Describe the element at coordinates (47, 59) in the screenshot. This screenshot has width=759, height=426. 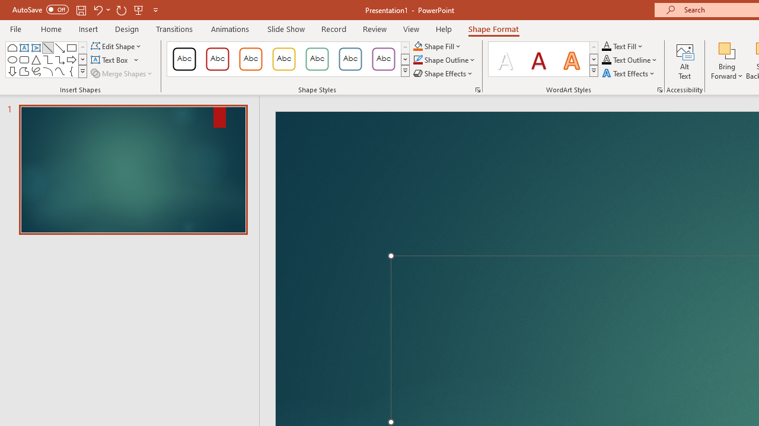
I see `'Connector: Elbow'` at that location.